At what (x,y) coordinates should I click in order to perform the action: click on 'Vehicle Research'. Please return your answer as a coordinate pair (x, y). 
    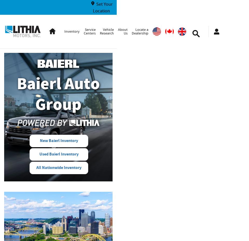
    Looking at the image, I should click on (99, 31).